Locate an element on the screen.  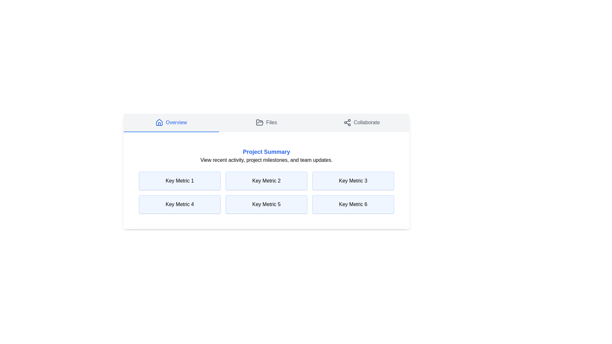
the second block from the left in the first row of the interactive card that displays 'Key Metric 2' is located at coordinates (266, 171).